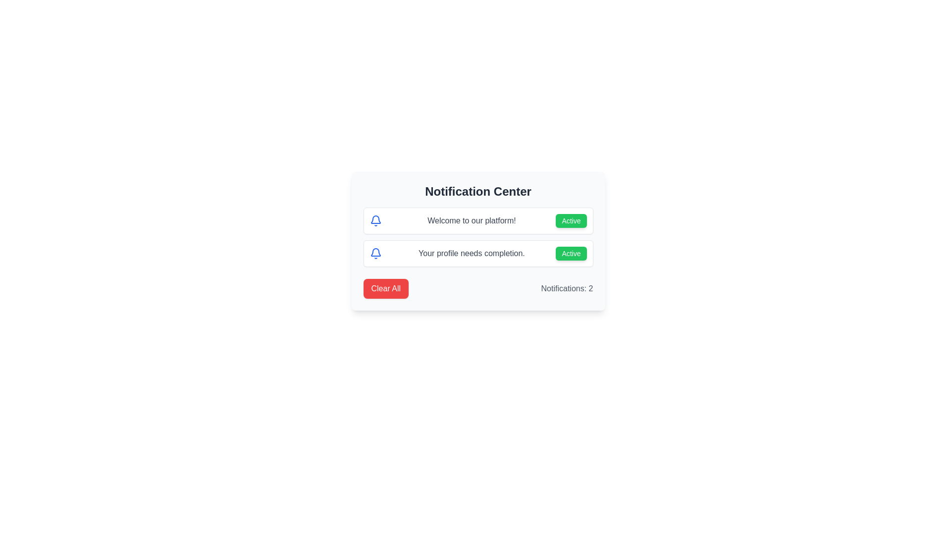 The image size is (951, 535). I want to click on the notification bell icon in the second row of the notification center panel, located to the left of the text 'Your profile needs completion.', so click(375, 219).